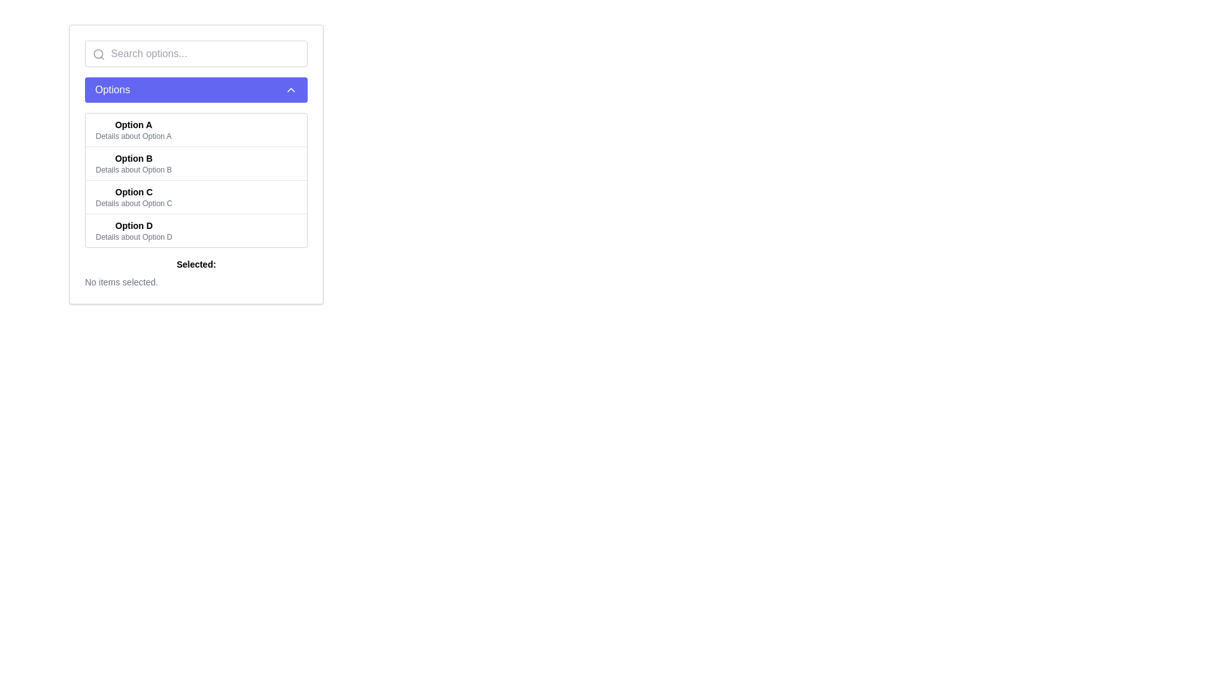  Describe the element at coordinates (195, 230) in the screenshot. I see `the fourth option in the list, labeled 'Option D'` at that location.